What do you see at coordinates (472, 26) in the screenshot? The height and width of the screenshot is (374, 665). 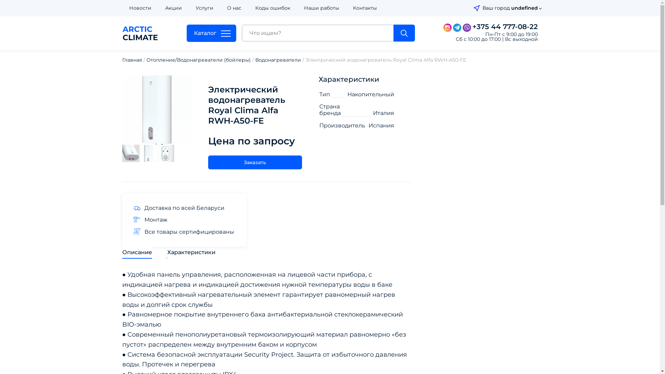 I see `'+375 44 777-08-22'` at bounding box center [472, 26].